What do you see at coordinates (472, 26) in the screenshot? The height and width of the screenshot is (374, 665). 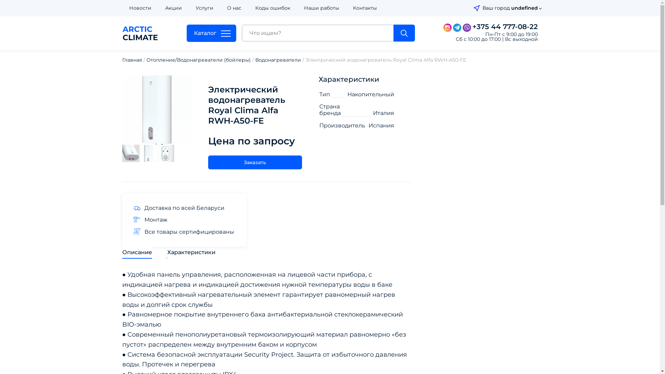 I see `'+375 44 777-08-22'` at bounding box center [472, 26].